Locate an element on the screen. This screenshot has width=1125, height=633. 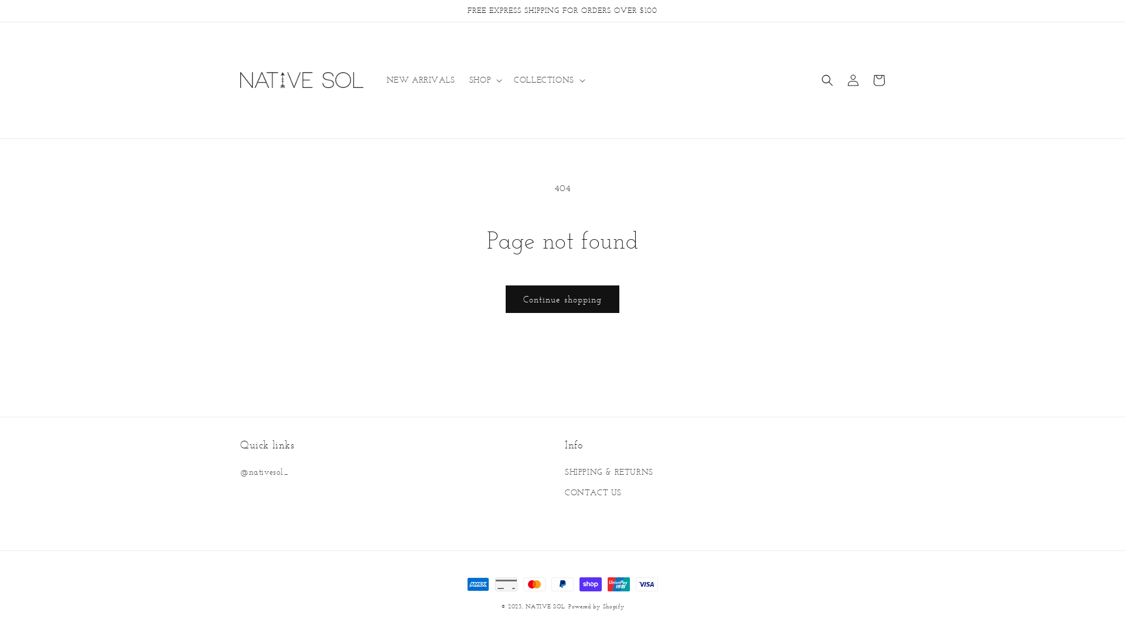
'@nativesol_' is located at coordinates (239, 472).